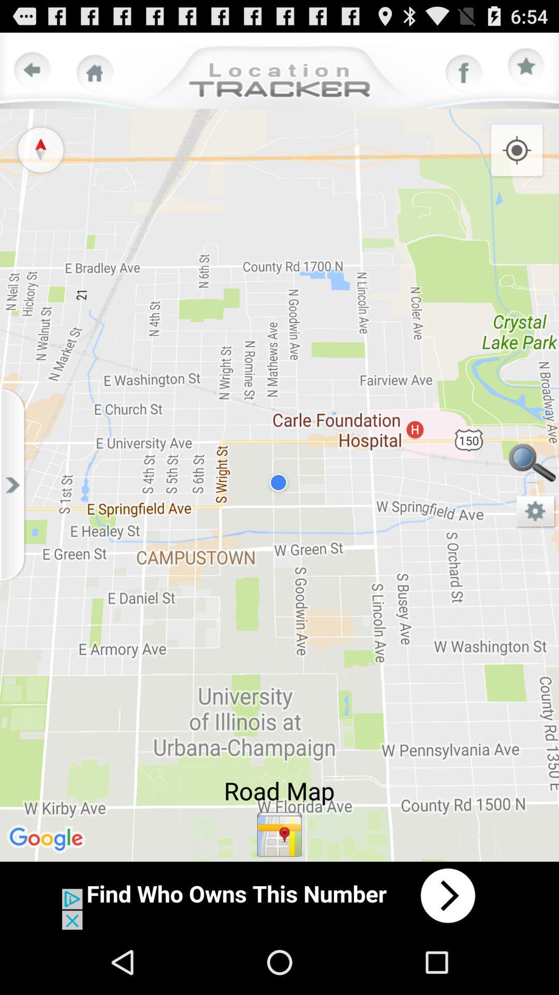 The height and width of the screenshot is (995, 559). I want to click on the star icon, so click(526, 71).